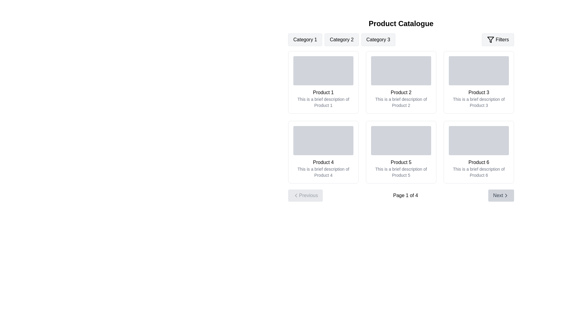 This screenshot has height=328, width=583. Describe the element at coordinates (405, 196) in the screenshot. I see `the static text label displaying 'Page 1 of 4' within the pagination control, which is located between the 'Previous' and 'Next' buttons` at that location.